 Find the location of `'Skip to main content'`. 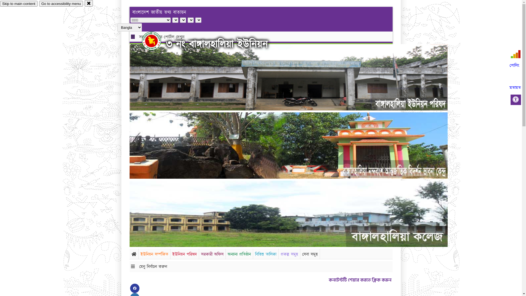

'Skip to main content' is located at coordinates (0, 4).